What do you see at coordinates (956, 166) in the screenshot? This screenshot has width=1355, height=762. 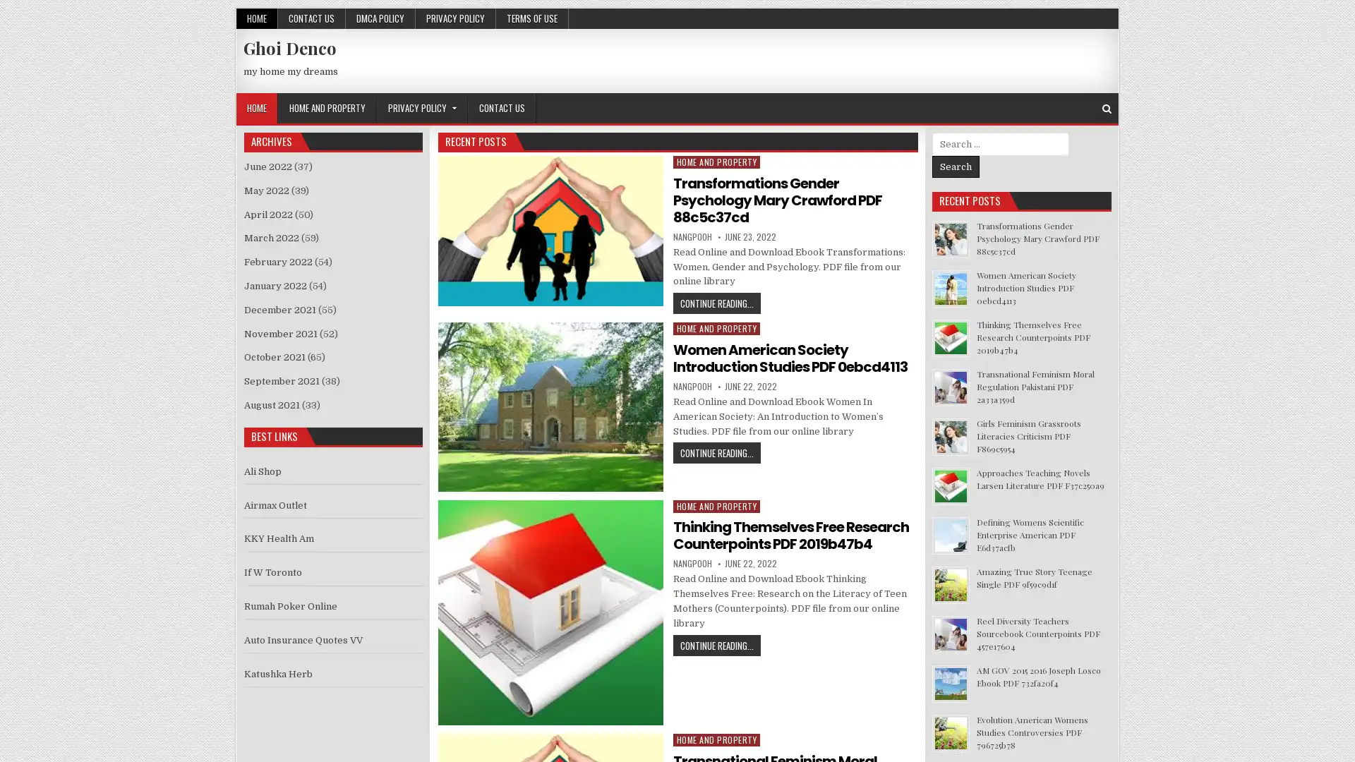 I see `Search` at bounding box center [956, 166].